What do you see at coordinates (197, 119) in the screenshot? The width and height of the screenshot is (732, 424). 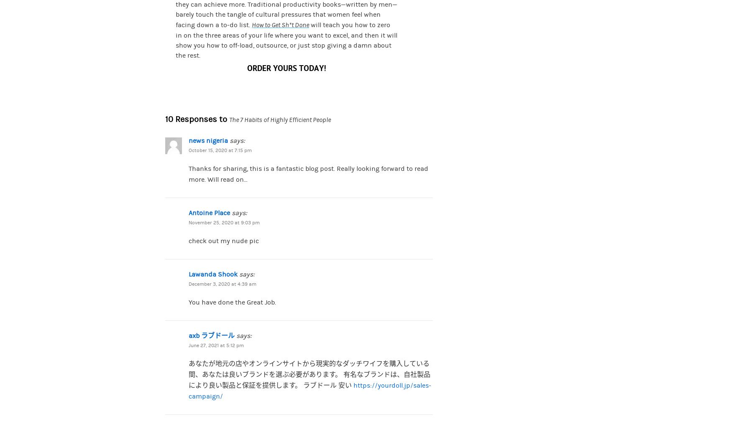 I see `'10 Responses to'` at bounding box center [197, 119].